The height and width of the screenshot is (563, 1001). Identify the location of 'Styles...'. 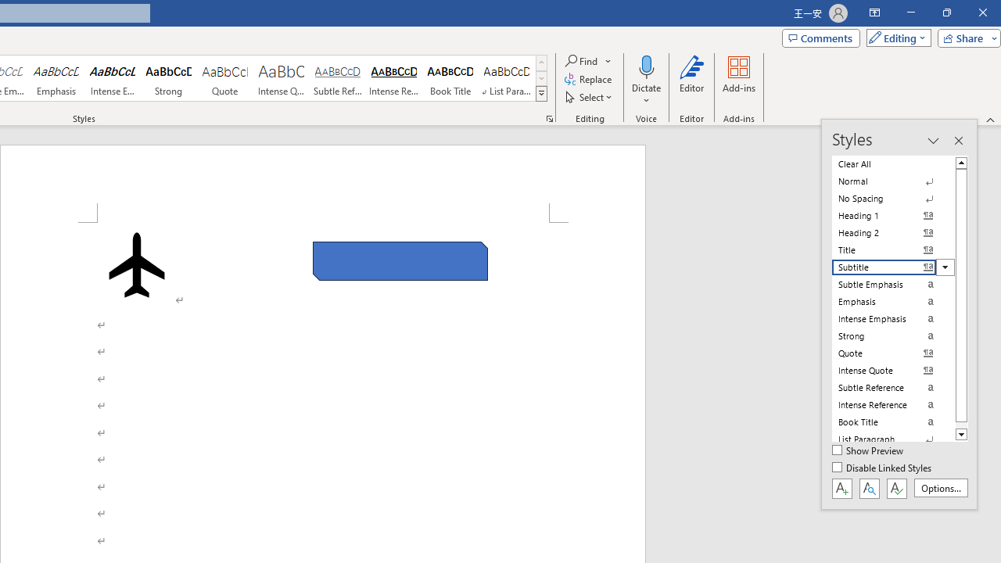
(549, 117).